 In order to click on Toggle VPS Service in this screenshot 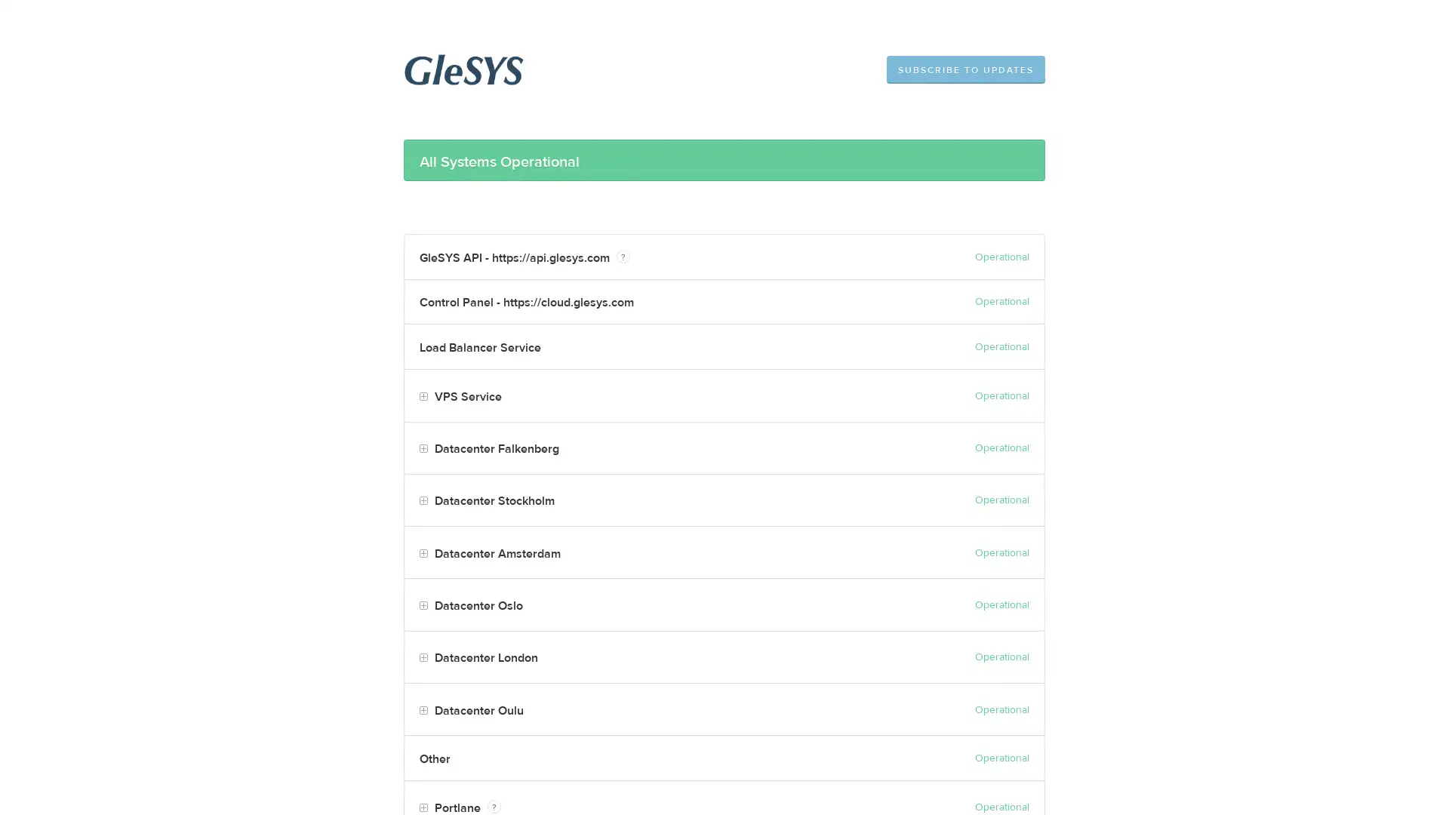, I will do `click(423, 395)`.